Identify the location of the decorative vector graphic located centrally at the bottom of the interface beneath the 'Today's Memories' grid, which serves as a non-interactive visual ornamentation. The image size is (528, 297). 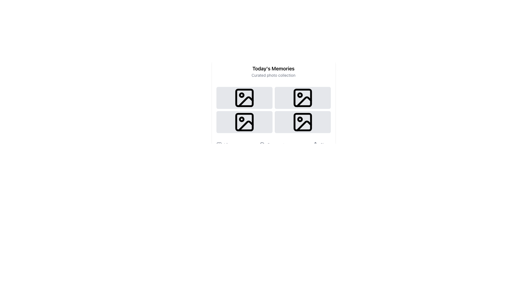
(262, 144).